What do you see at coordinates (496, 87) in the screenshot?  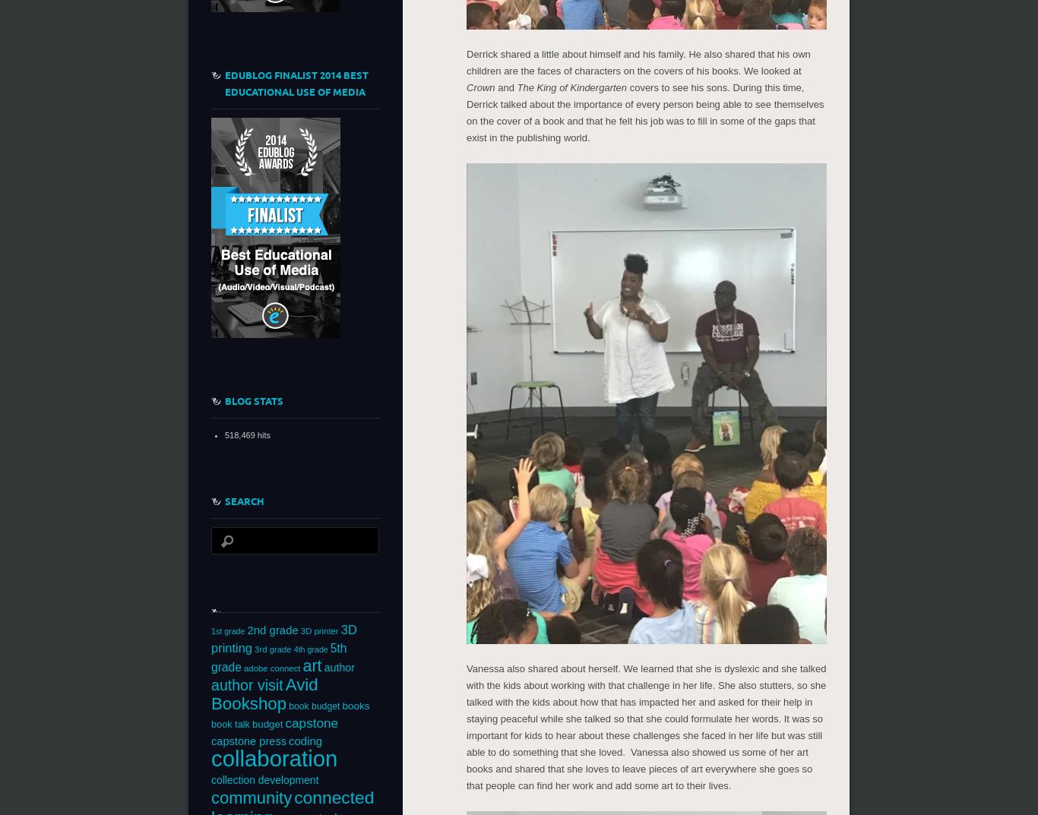 I see `'and'` at bounding box center [496, 87].